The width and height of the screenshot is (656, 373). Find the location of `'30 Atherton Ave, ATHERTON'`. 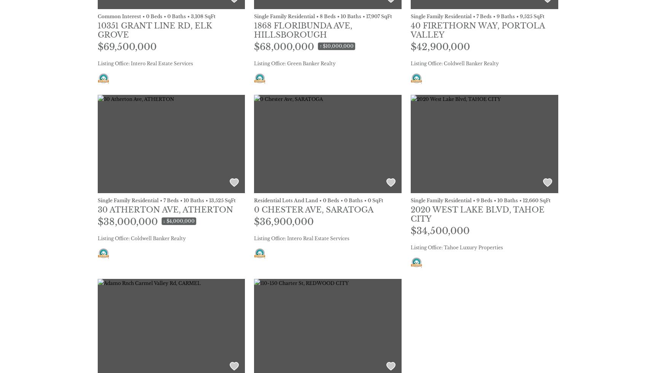

'30 Atherton Ave, ATHERTON' is located at coordinates (165, 209).